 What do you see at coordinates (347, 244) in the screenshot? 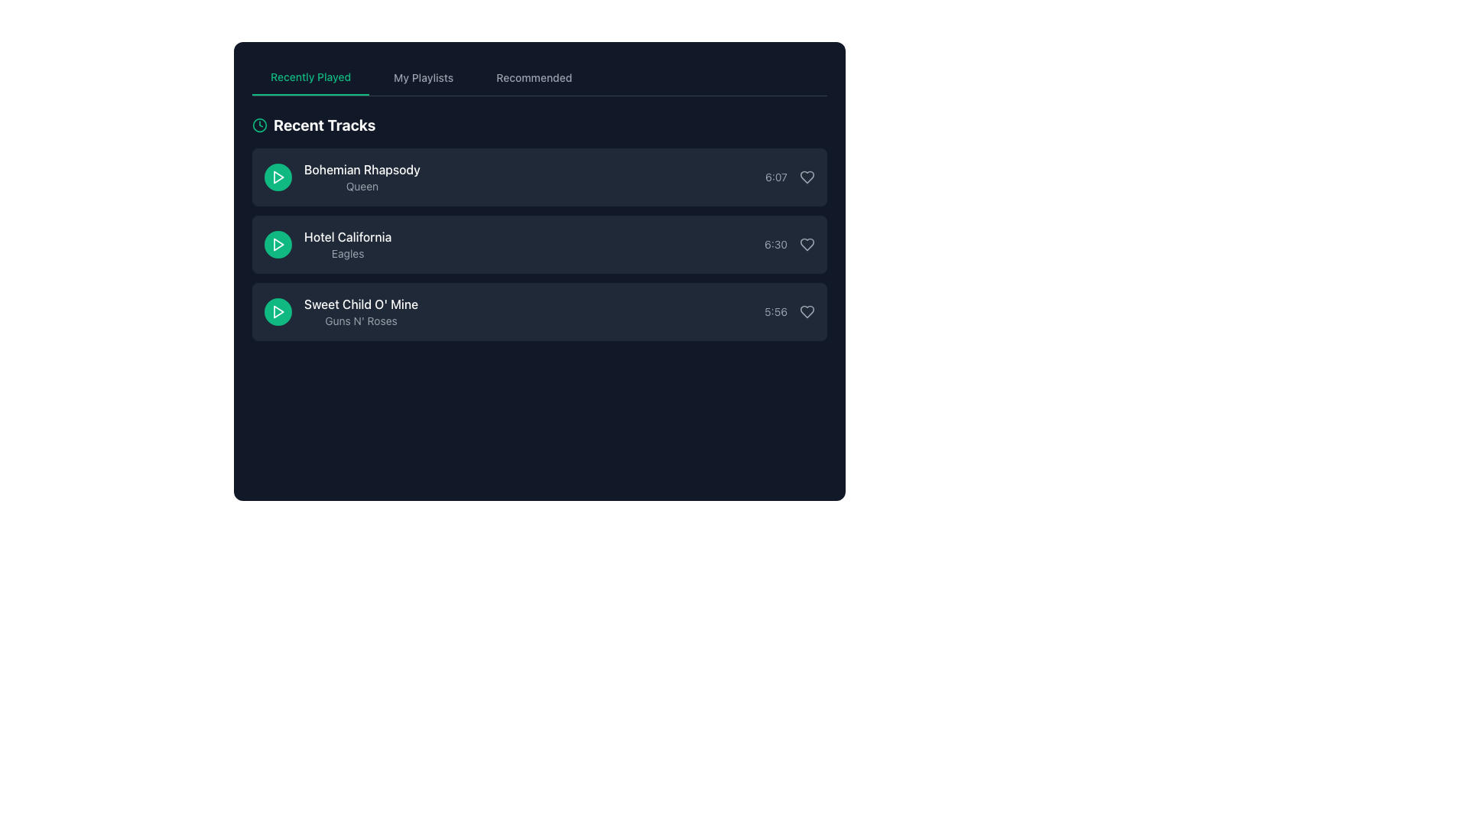
I see `the text label displaying the track name 'Hotel California' by the artist 'Eagles'` at bounding box center [347, 244].